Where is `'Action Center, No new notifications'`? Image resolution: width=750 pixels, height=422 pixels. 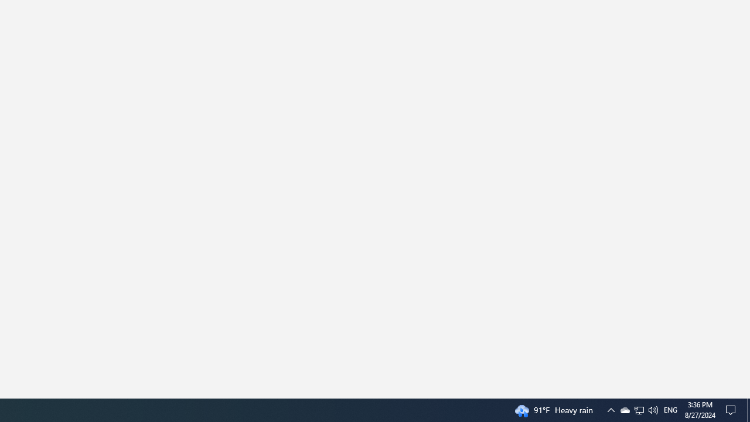 'Action Center, No new notifications' is located at coordinates (732, 409).